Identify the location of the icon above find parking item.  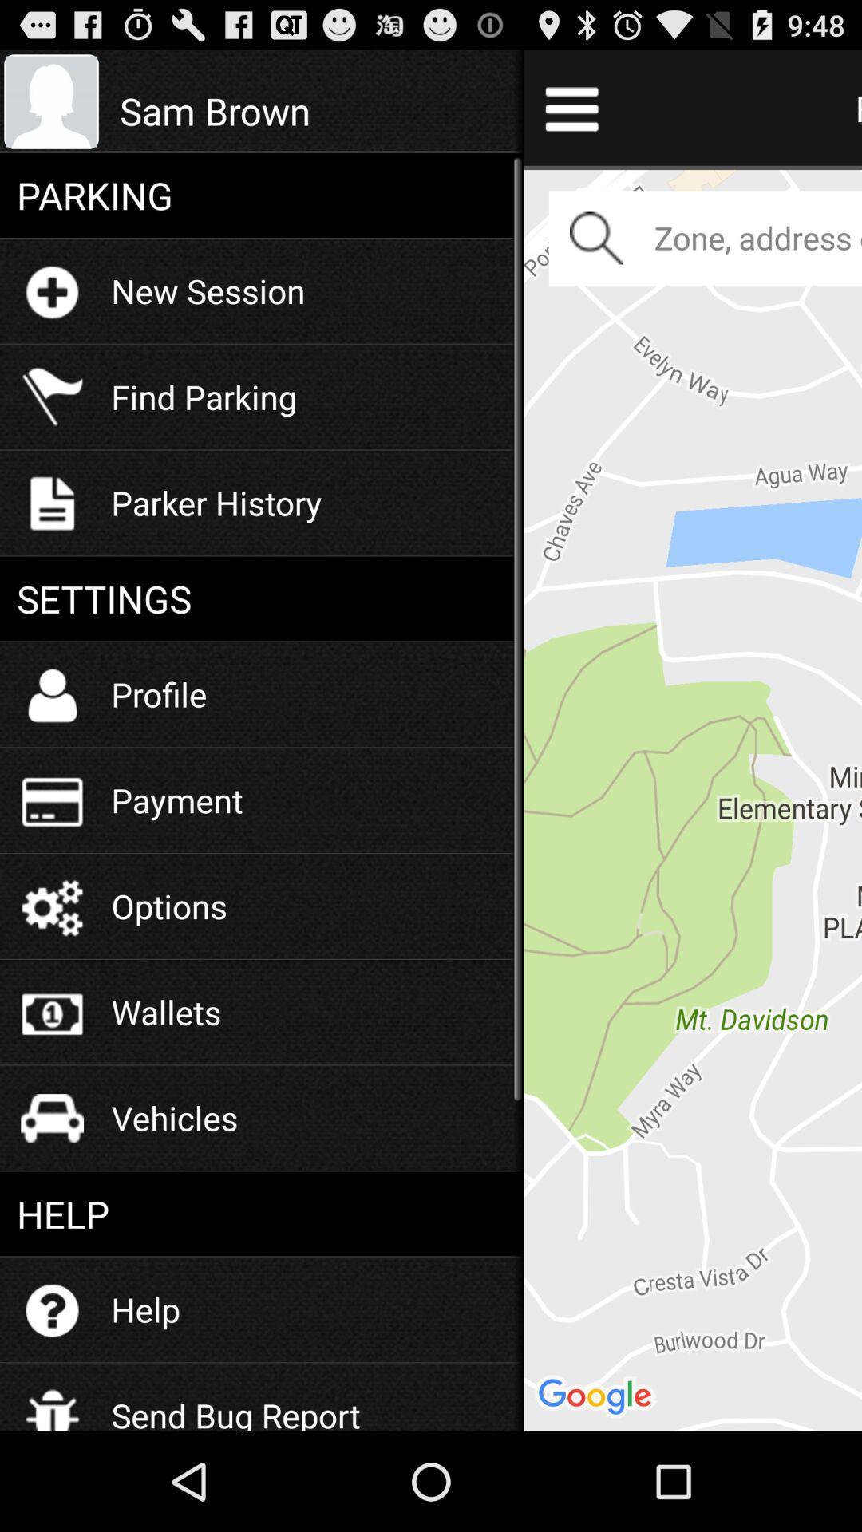
(208, 290).